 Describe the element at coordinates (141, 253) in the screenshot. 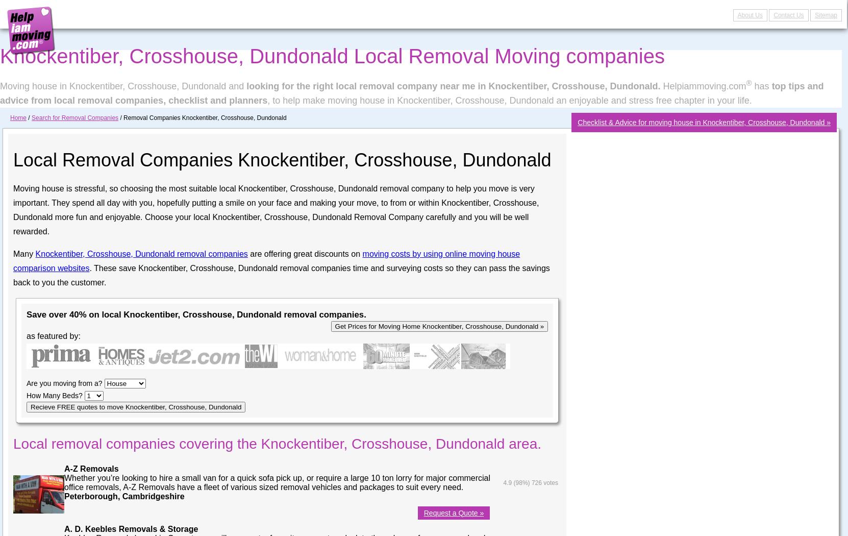

I see `'Knockentiber, Crosshouse, Dundonald  removal companies'` at that location.